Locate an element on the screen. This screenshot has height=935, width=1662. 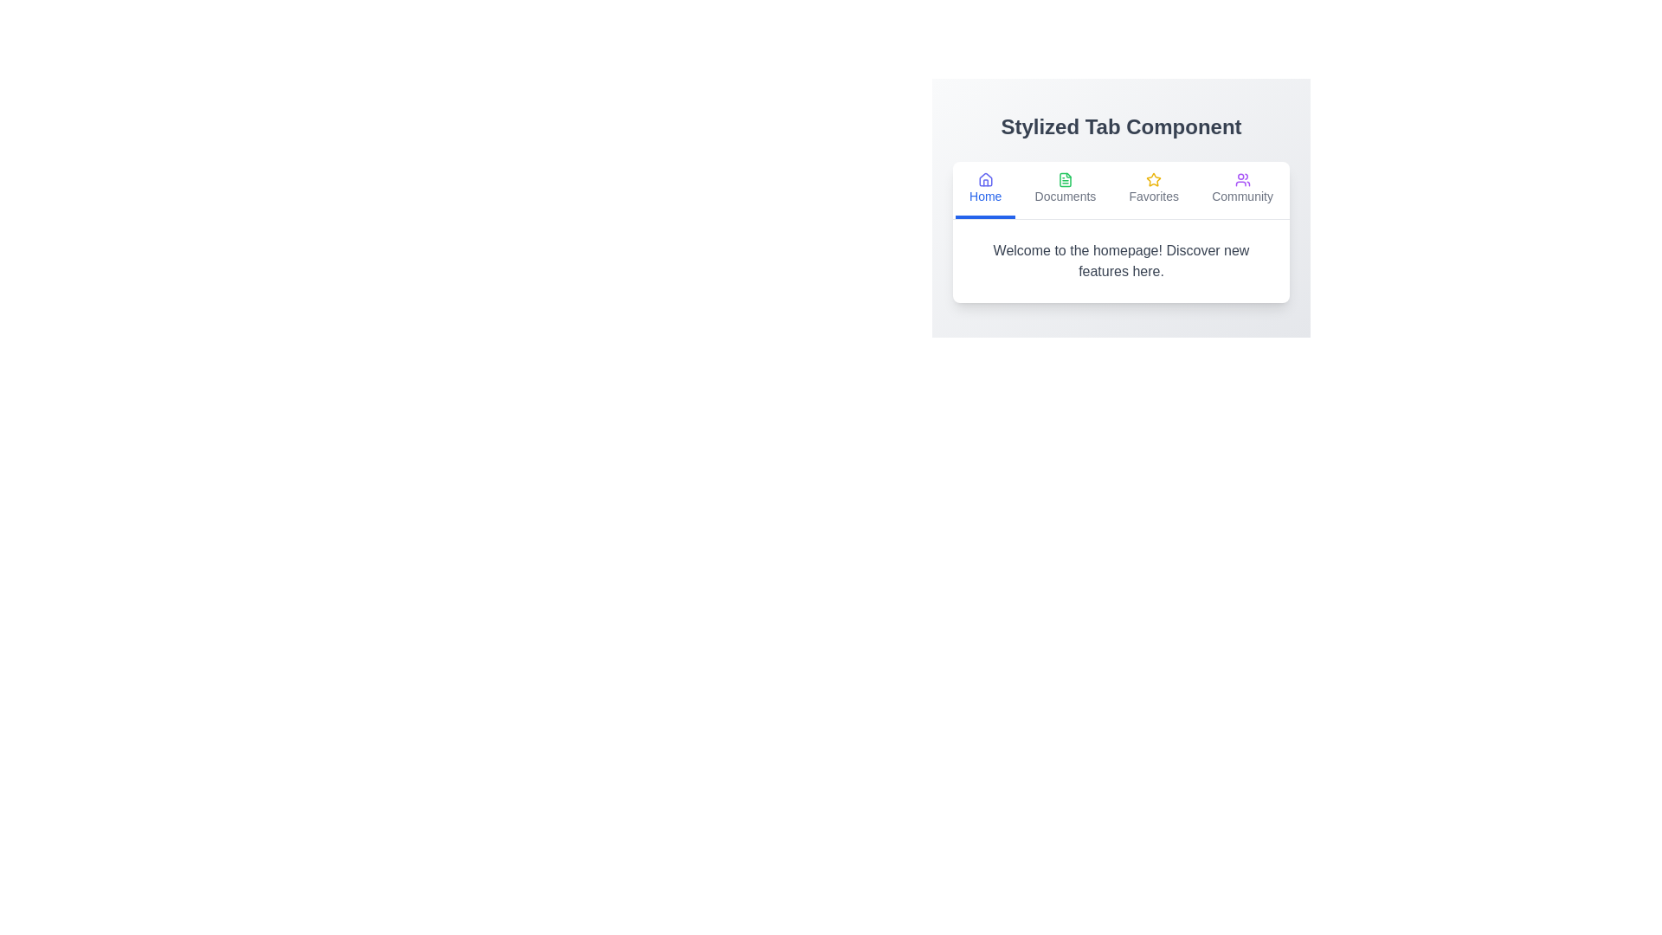
the 'Favorites' tab on the Navigation Tab Bar is located at coordinates (1121, 190).